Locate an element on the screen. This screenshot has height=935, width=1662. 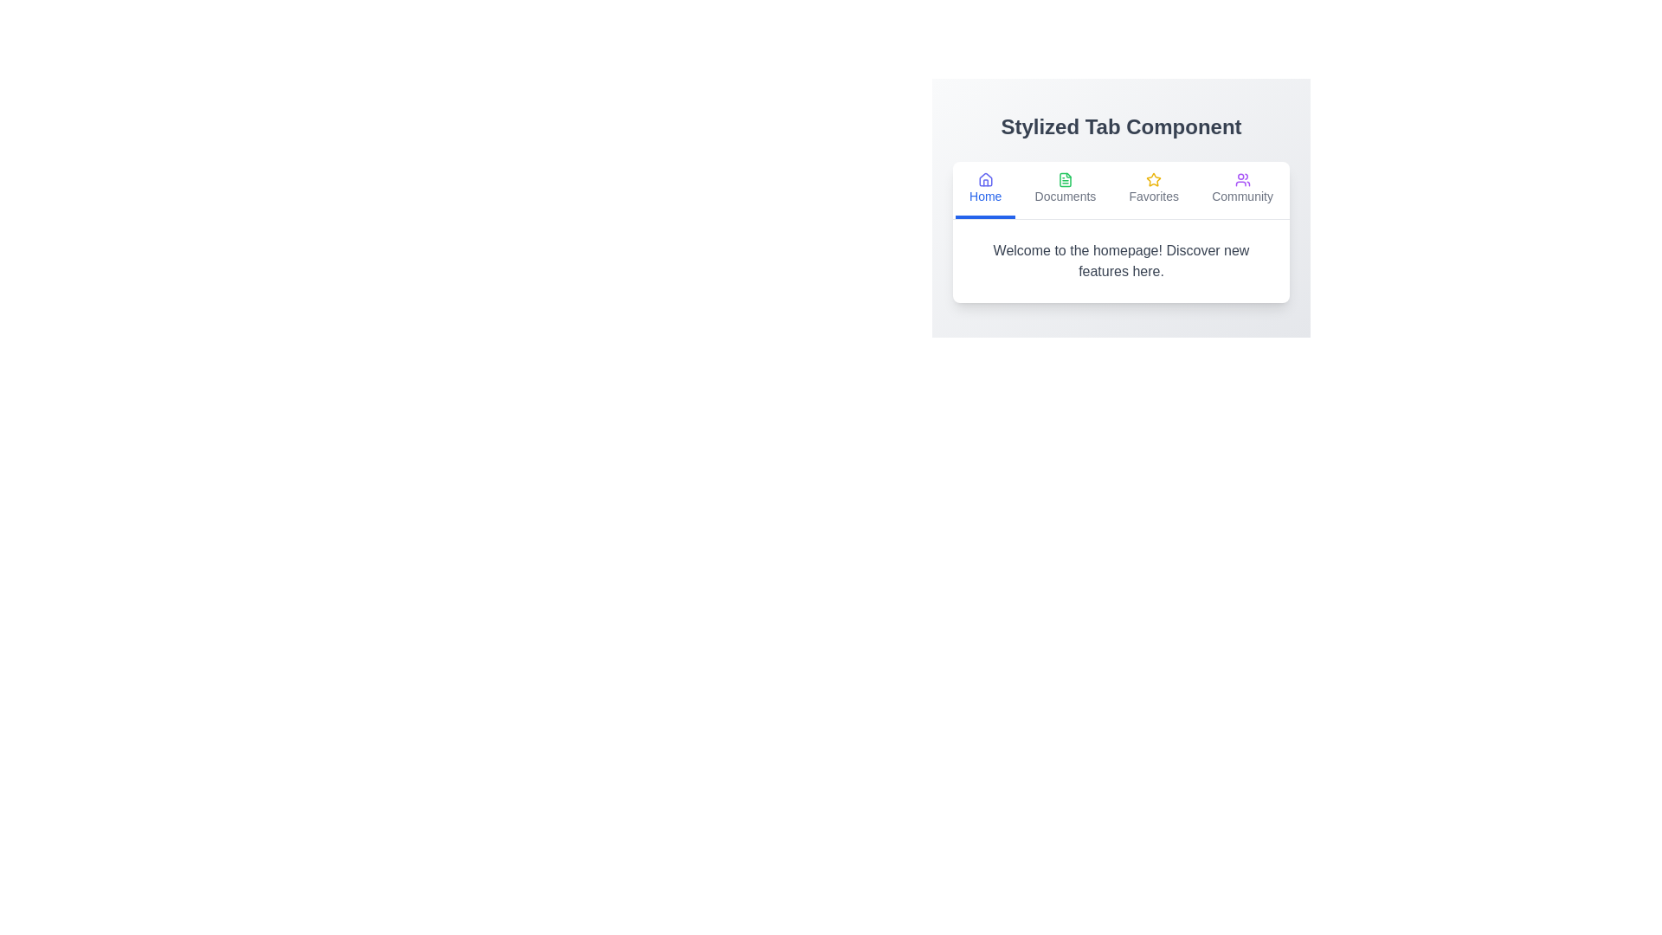
the 'Favorites' tab on the Navigation Tab Bar is located at coordinates (1121, 190).